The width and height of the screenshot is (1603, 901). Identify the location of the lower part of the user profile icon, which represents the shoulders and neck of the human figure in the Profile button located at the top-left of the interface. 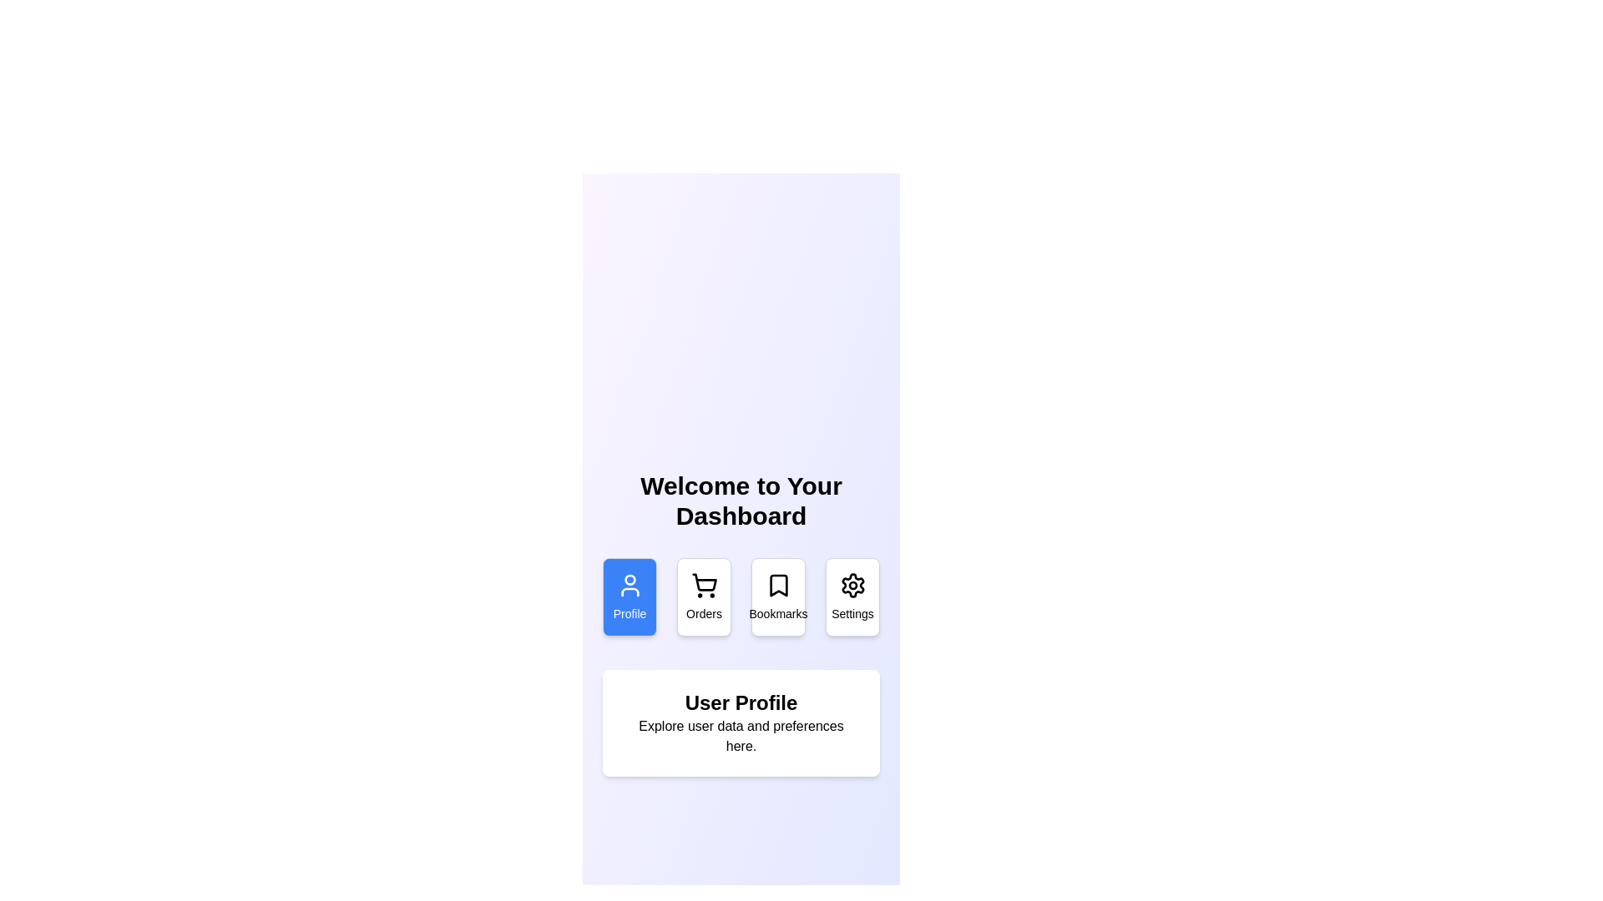
(629, 591).